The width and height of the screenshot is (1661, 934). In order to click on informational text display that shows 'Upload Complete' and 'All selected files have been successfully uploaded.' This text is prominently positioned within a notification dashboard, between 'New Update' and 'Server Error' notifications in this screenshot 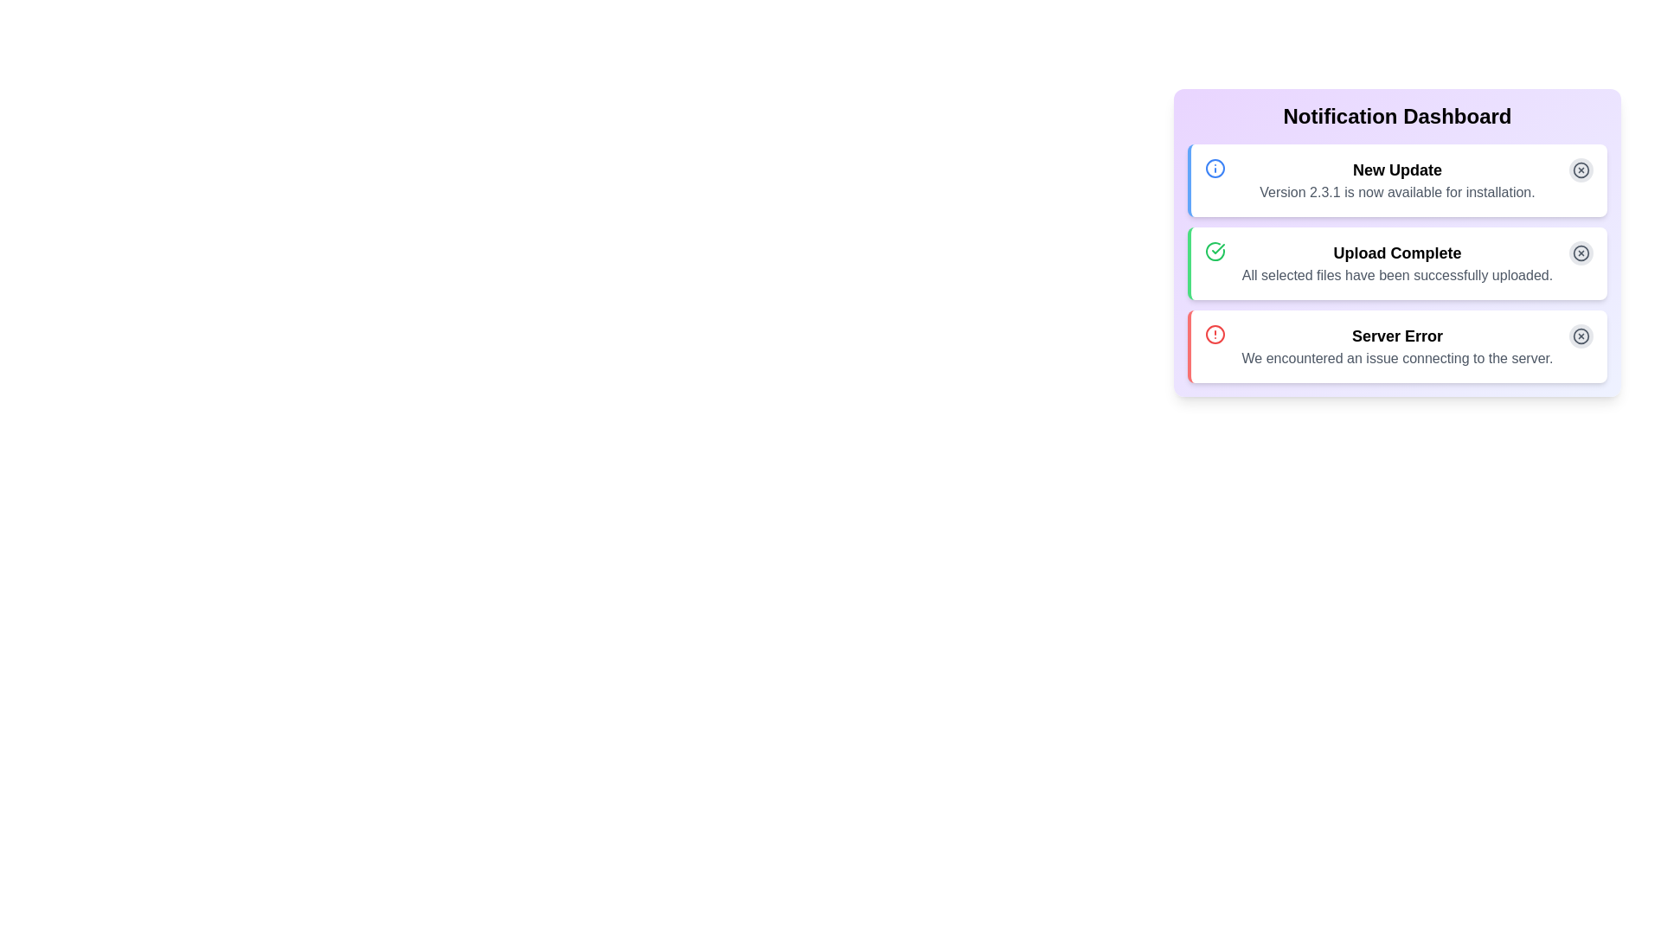, I will do `click(1397, 263)`.